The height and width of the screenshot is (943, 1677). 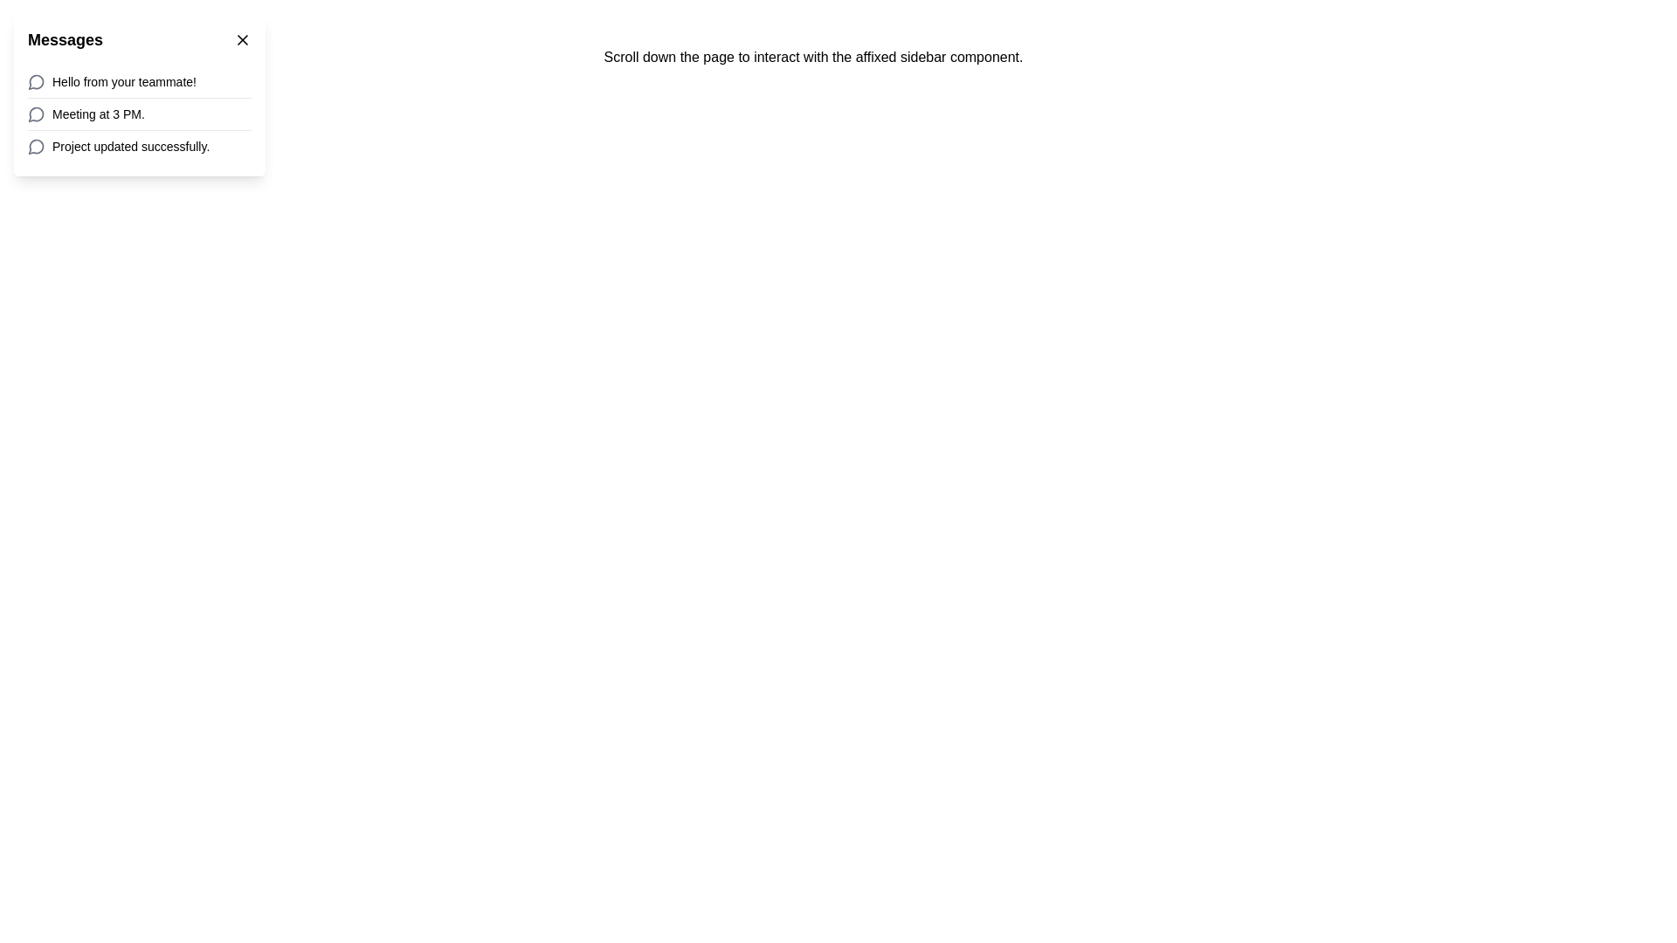 What do you see at coordinates (36, 146) in the screenshot?
I see `the speech bubble icon located beside the third message labeled 'Project updated successfully' in the messages sidebar` at bounding box center [36, 146].